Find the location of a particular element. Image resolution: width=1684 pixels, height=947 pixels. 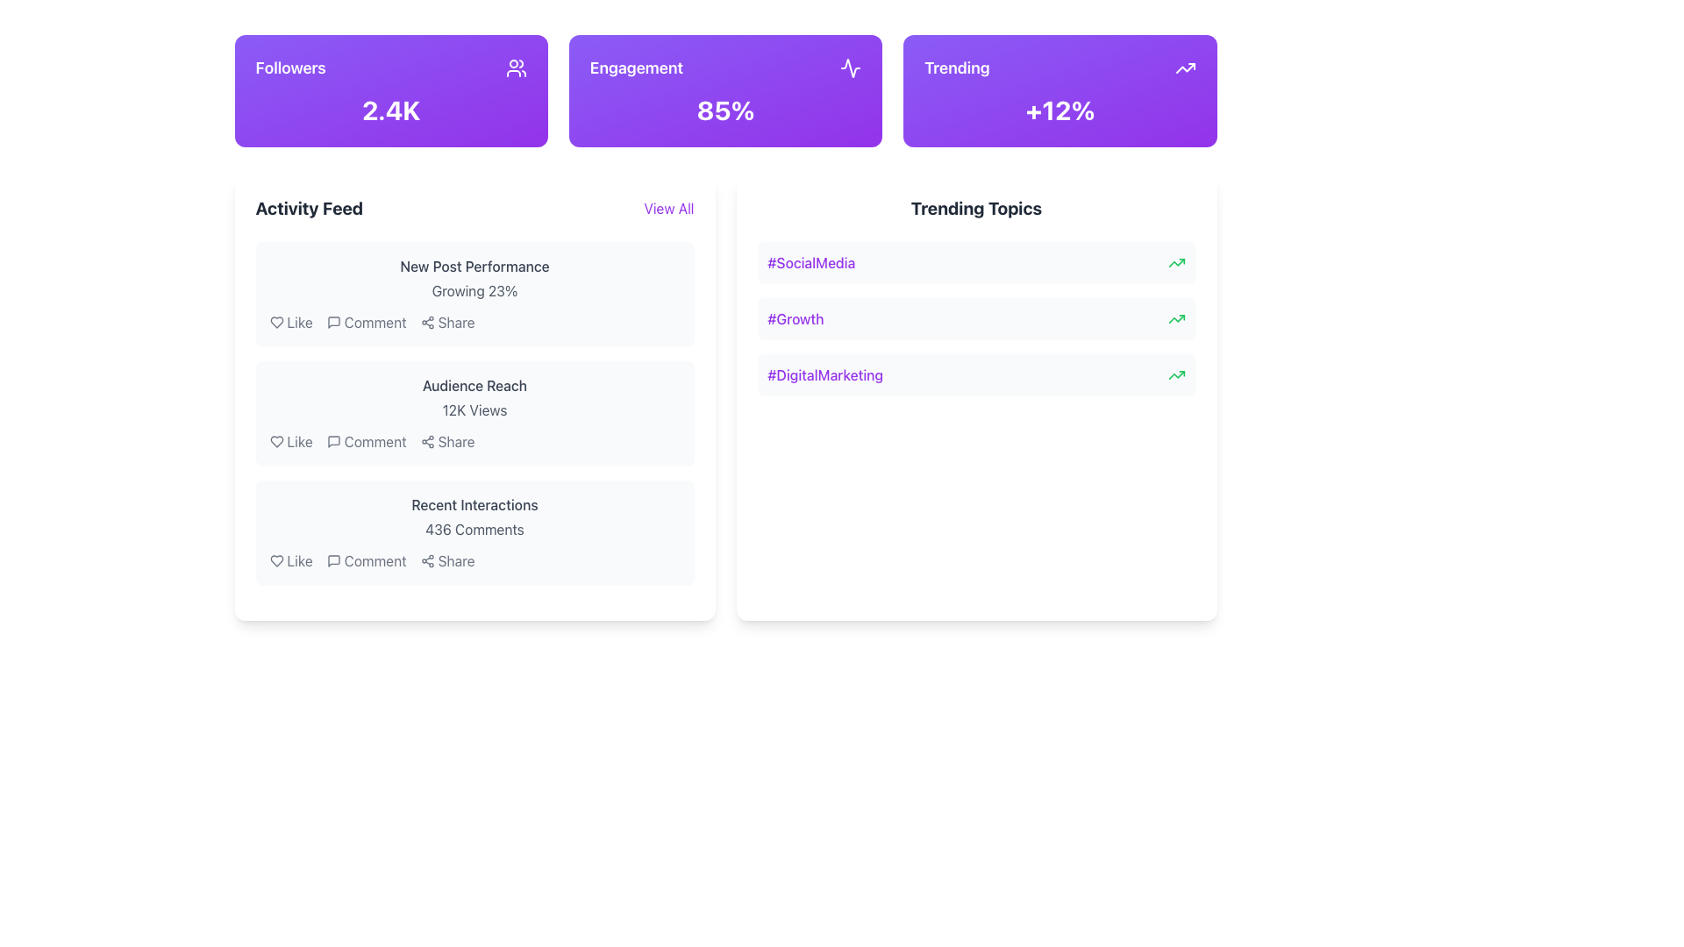

the clickable hashtag text label for the trending topic at the top of the 'Trending Topics' list is located at coordinates (810, 263).